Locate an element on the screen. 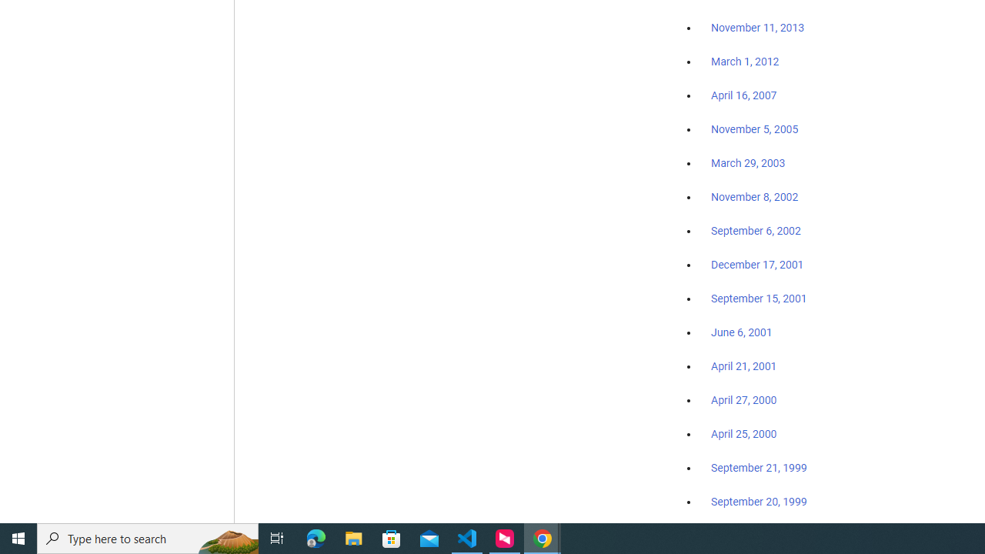 The height and width of the screenshot is (554, 985). 'March 29, 2003' is located at coordinates (748, 163).